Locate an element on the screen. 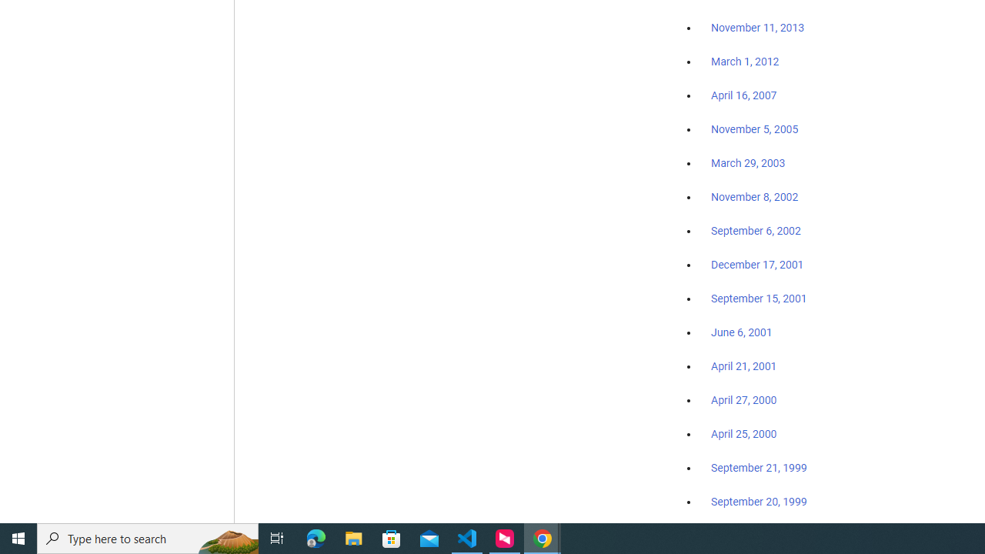 The height and width of the screenshot is (554, 985). 'March 29, 2003' is located at coordinates (748, 163).